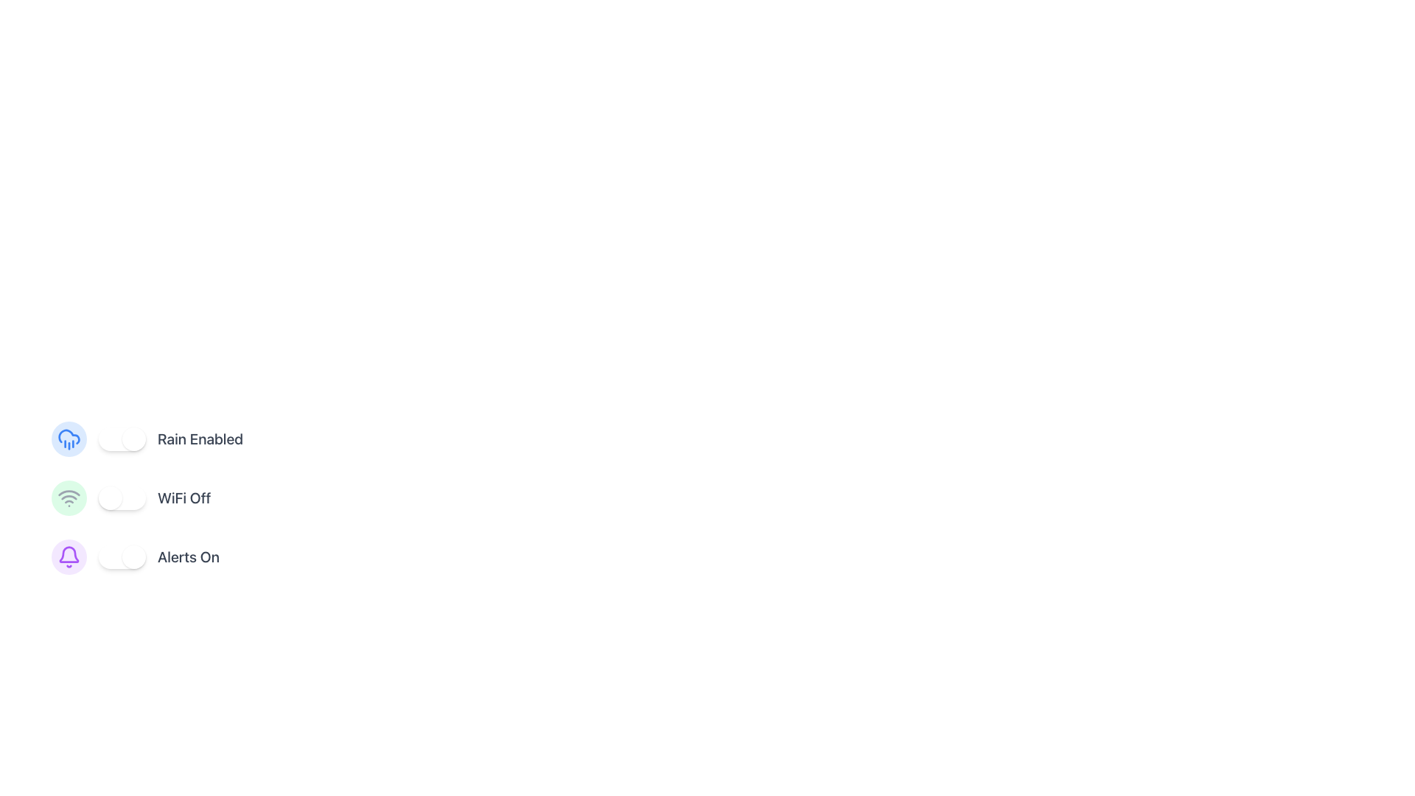 This screenshot has height=796, width=1415. I want to click on the circular icon with a light green background and gray Wi-Fi symbol, which is positioned next to the 'WiFi Off' label, so click(69, 497).